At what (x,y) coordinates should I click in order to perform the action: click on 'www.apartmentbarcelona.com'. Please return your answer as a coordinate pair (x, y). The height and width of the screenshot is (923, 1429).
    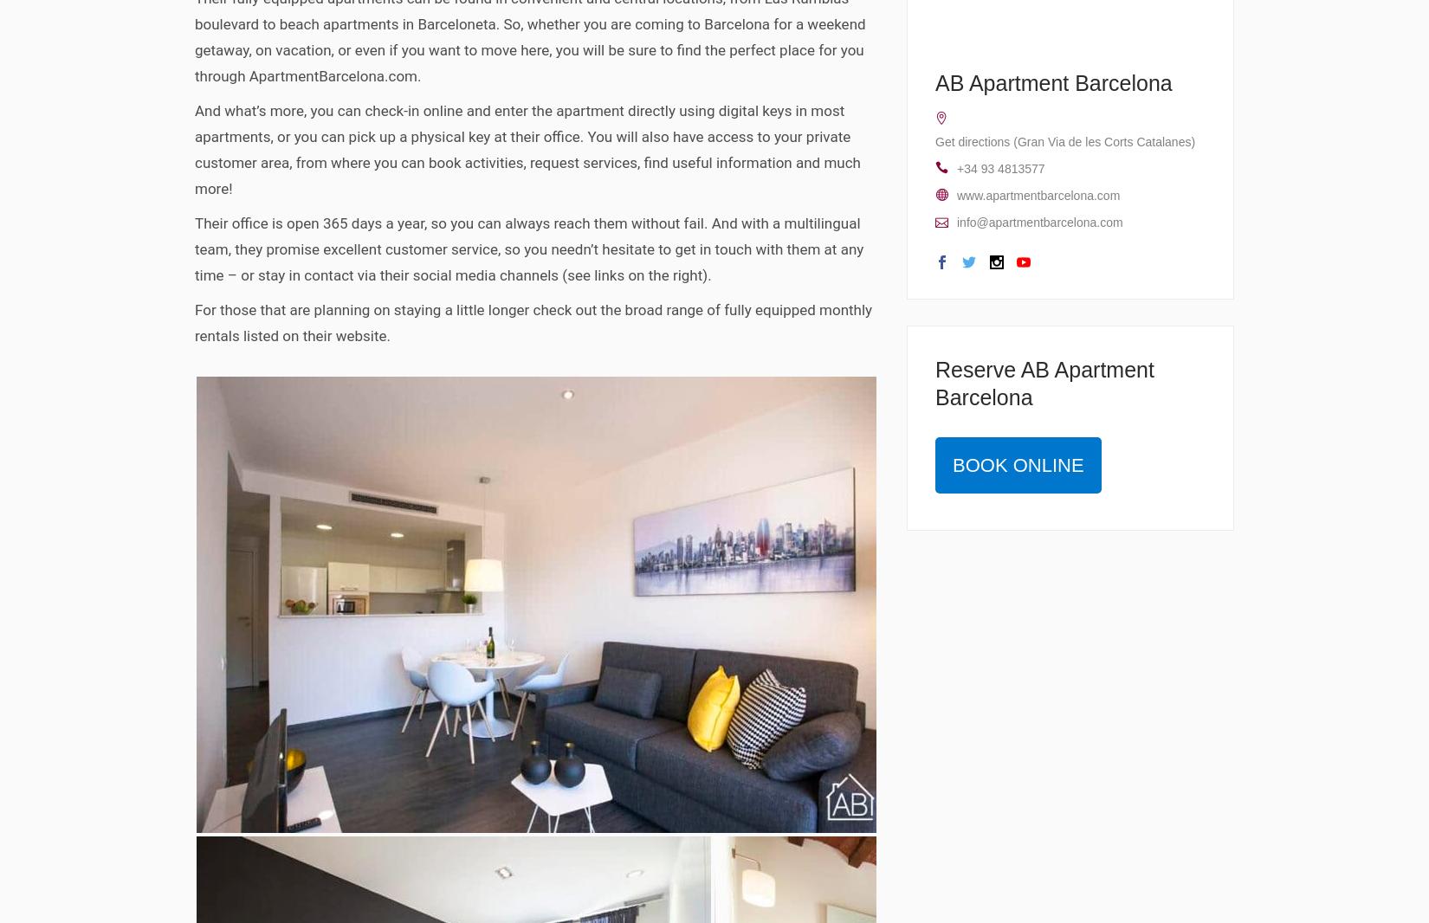
    Looking at the image, I should click on (1038, 194).